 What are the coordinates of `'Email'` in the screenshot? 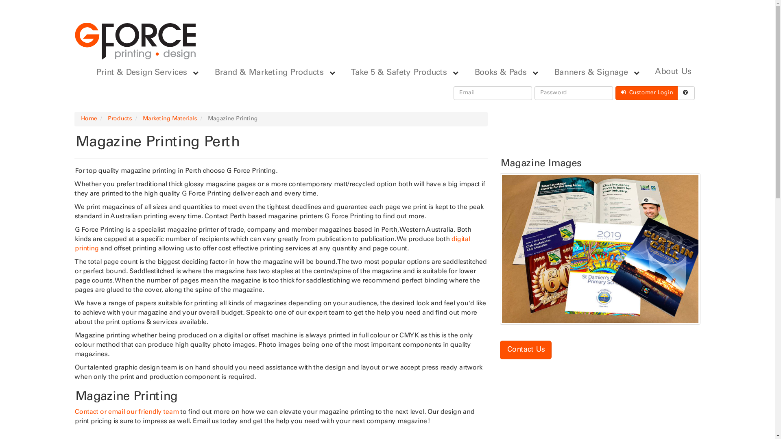 It's located at (452, 92).